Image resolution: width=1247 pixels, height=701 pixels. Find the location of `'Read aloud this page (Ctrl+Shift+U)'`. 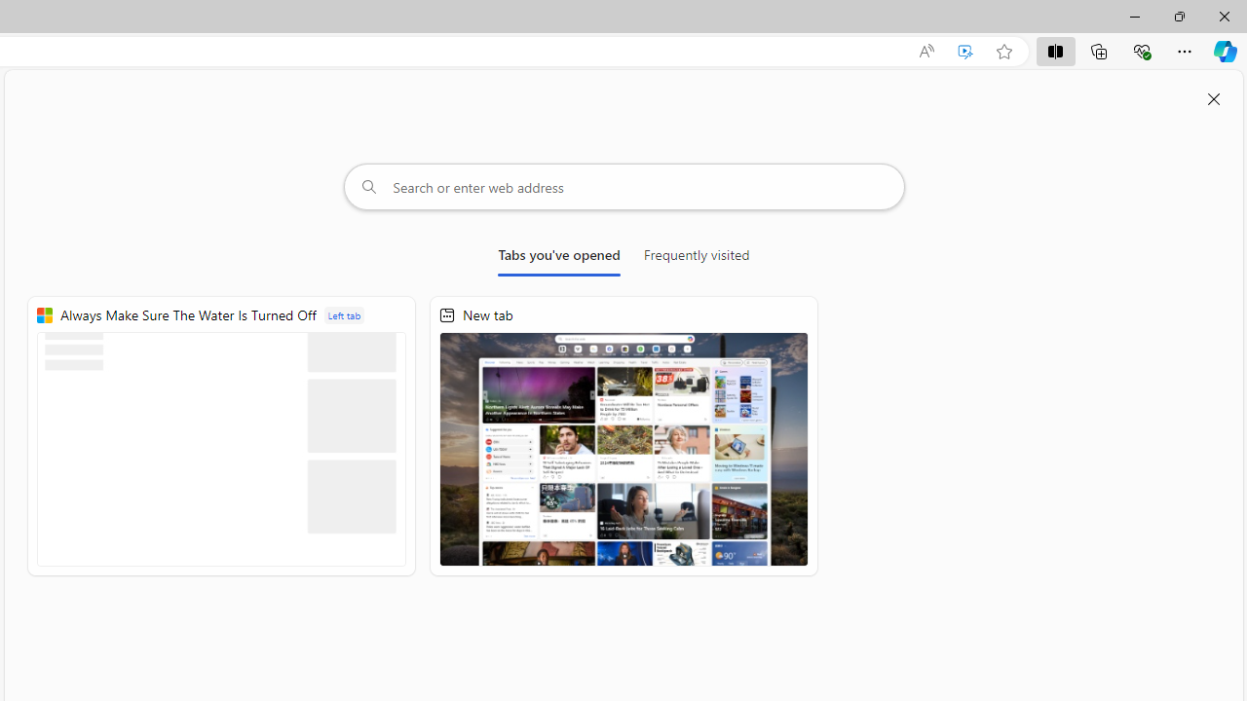

'Read aloud this page (Ctrl+Shift+U)' is located at coordinates (926, 51).